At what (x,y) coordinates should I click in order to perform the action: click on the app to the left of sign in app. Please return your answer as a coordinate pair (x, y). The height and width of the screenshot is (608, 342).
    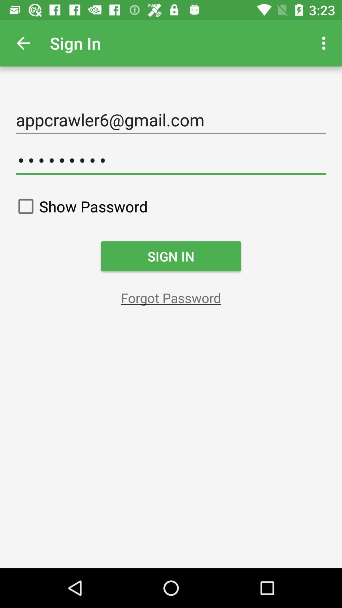
    Looking at the image, I should click on (23, 43).